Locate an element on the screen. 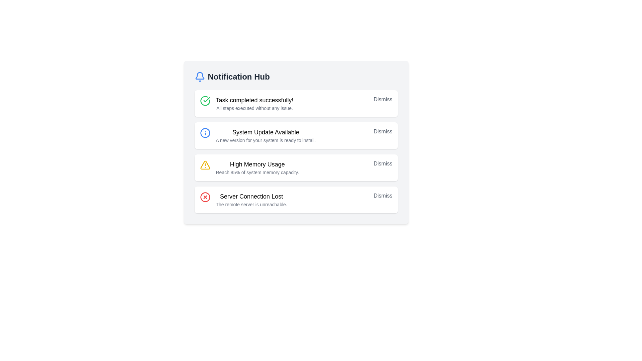 The image size is (642, 361). the static text label in the Notification Hub that provides information about the successful completion of a task, located under the title 'Task completed successfully!' is located at coordinates (254, 108).